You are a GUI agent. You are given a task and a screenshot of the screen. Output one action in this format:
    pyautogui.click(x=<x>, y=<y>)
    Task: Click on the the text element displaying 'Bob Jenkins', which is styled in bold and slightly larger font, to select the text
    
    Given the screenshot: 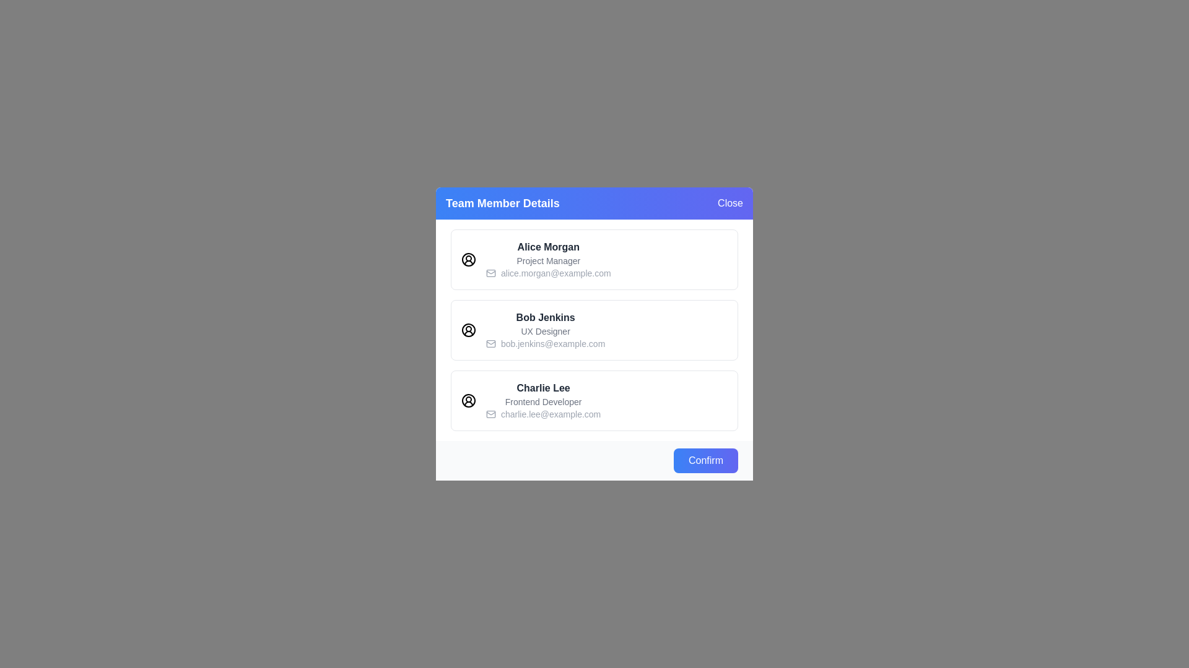 What is the action you would take?
    pyautogui.click(x=545, y=317)
    